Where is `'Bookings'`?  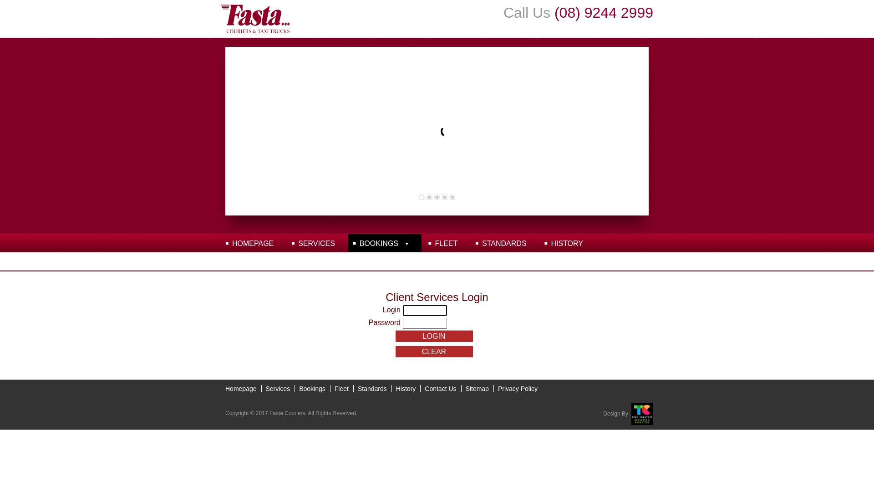
'Bookings' is located at coordinates (312, 389).